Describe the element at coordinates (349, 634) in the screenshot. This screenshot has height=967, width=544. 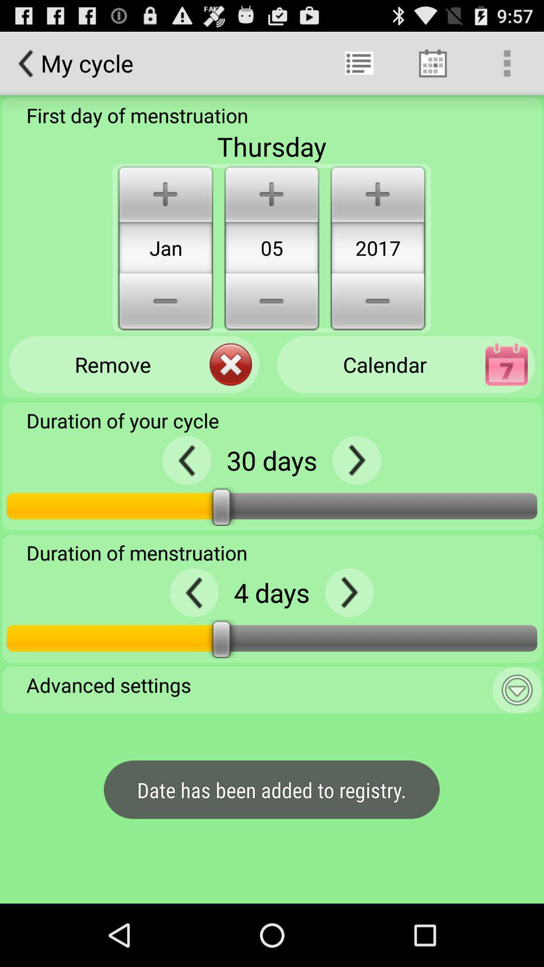
I see `the arrow_forward icon` at that location.